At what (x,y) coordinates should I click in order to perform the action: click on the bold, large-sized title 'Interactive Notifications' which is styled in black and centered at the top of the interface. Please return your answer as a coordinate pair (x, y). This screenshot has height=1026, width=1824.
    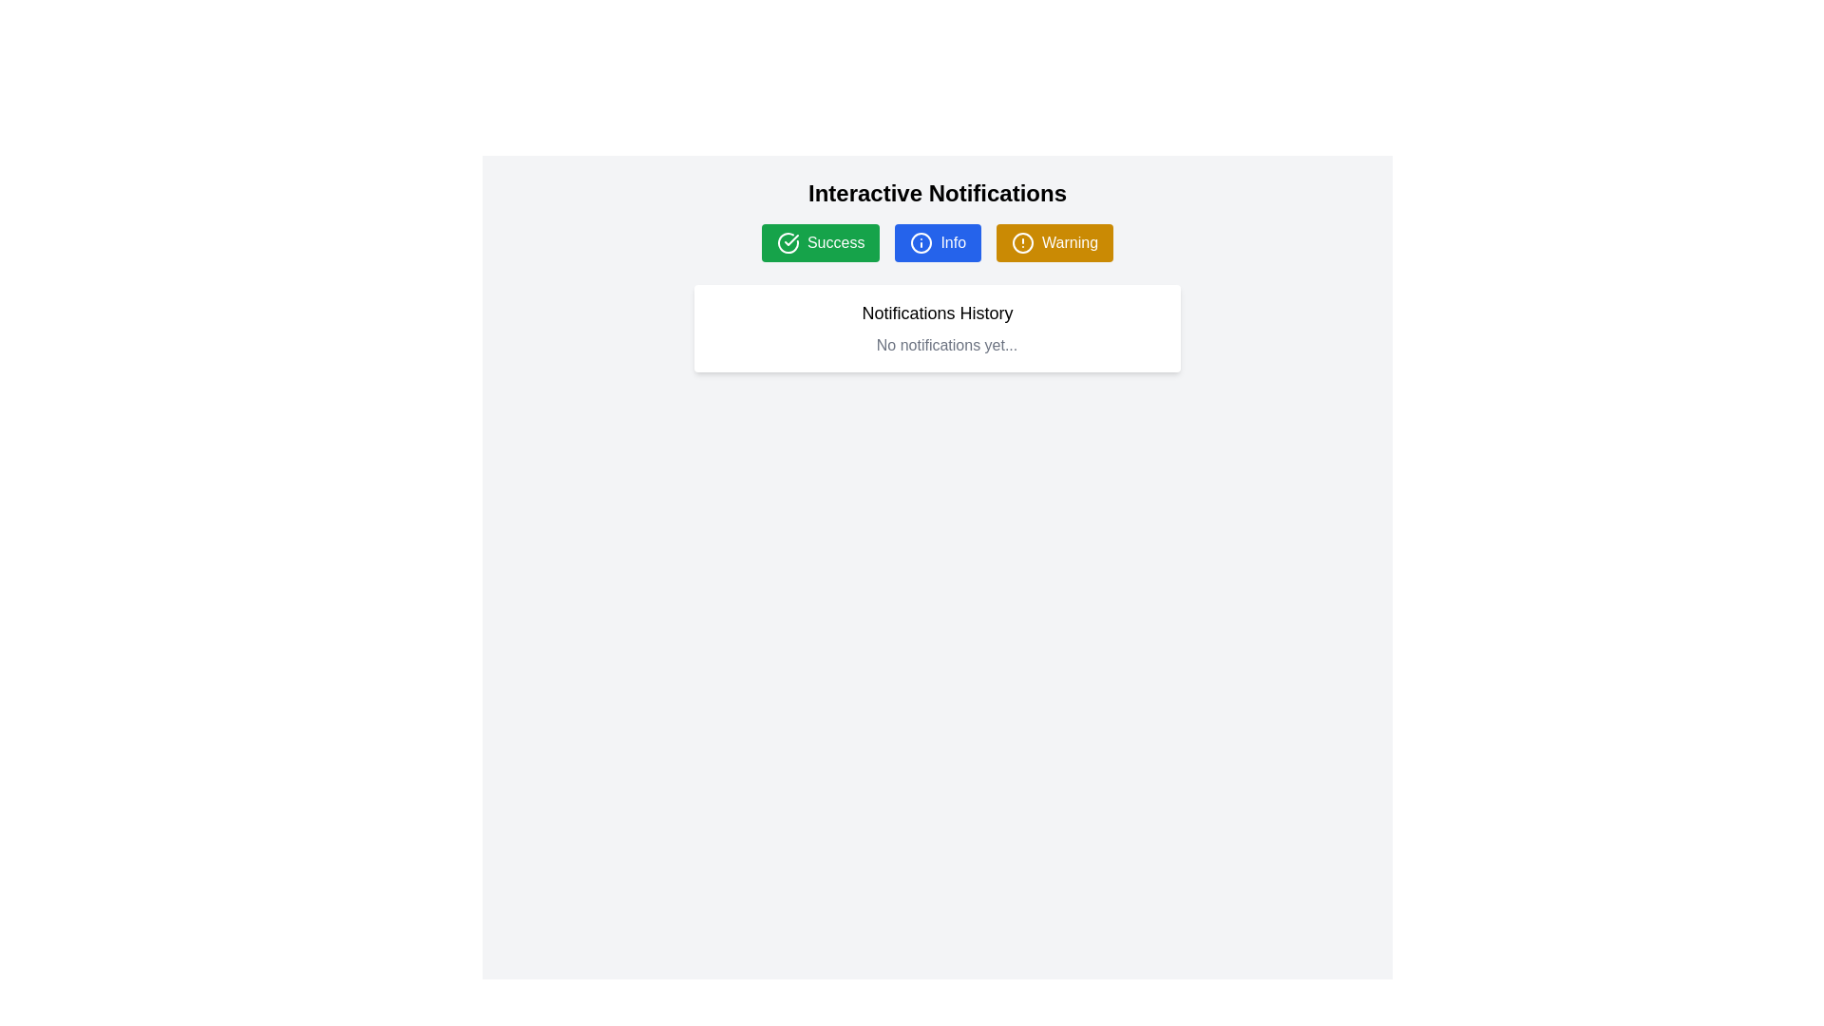
    Looking at the image, I should click on (938, 194).